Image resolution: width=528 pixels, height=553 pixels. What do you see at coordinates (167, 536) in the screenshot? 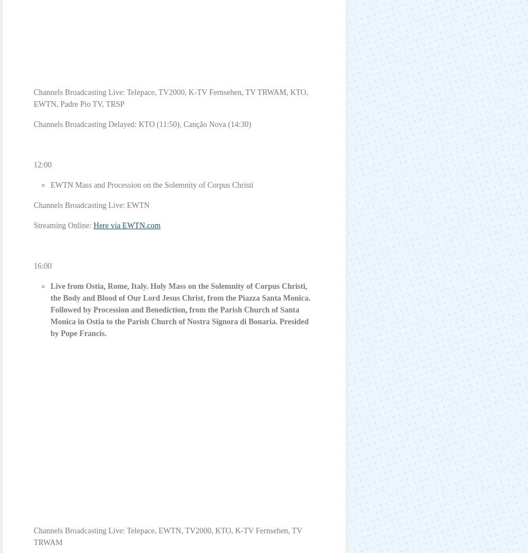
I see `'Channels Broadcasting Live: Telepace, EWTN, TV2000, KTO, K-TV Fernsehen, TV TRWAM'` at bounding box center [167, 536].